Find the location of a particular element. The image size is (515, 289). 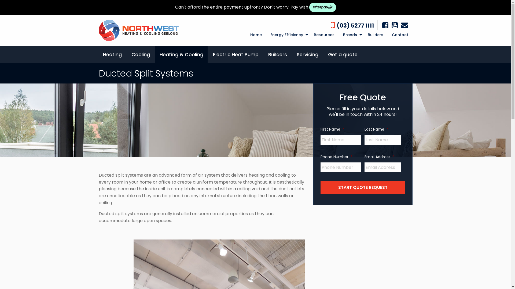

'Builders' is located at coordinates (278, 55).